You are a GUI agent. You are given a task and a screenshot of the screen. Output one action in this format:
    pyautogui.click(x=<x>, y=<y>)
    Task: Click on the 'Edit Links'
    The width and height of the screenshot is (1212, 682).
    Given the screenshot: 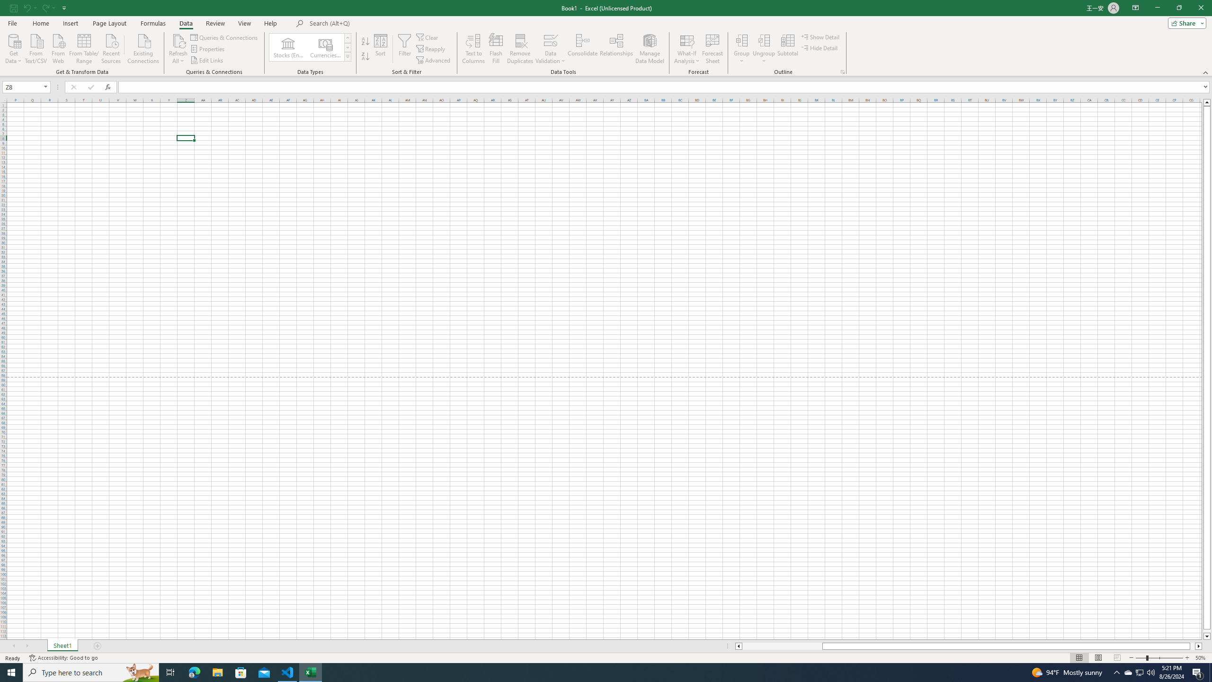 What is the action you would take?
    pyautogui.click(x=208, y=60)
    